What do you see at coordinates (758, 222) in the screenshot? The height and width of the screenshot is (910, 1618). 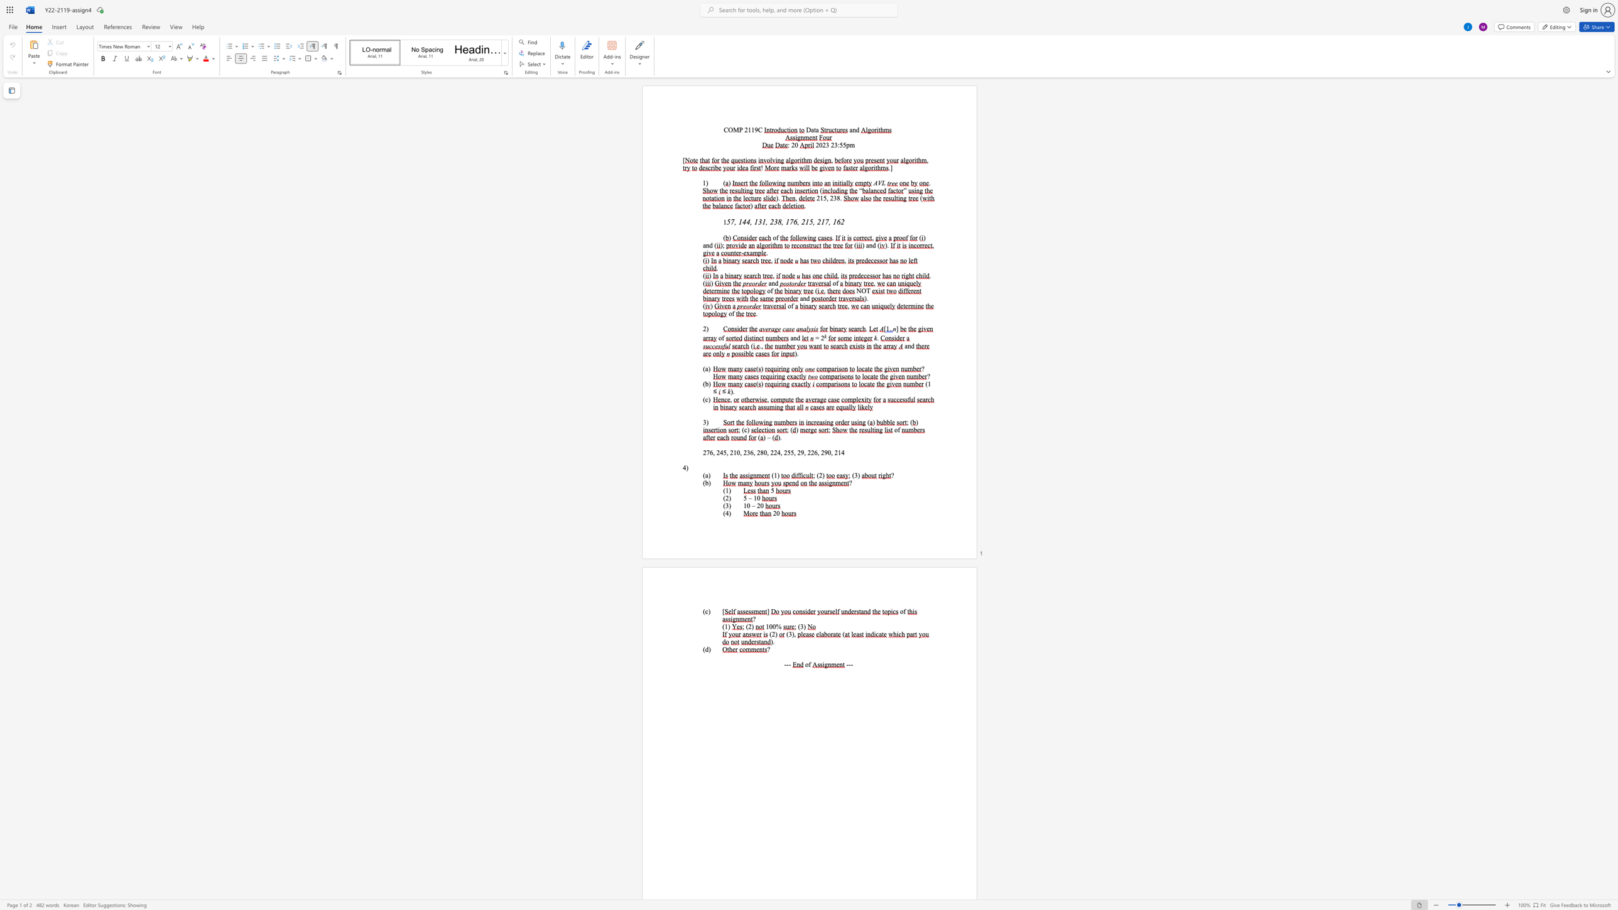 I see `the subset text "31, 238, 17" within the text "57, 144, 131, 238, 176, 215, 217, 162"` at bounding box center [758, 222].